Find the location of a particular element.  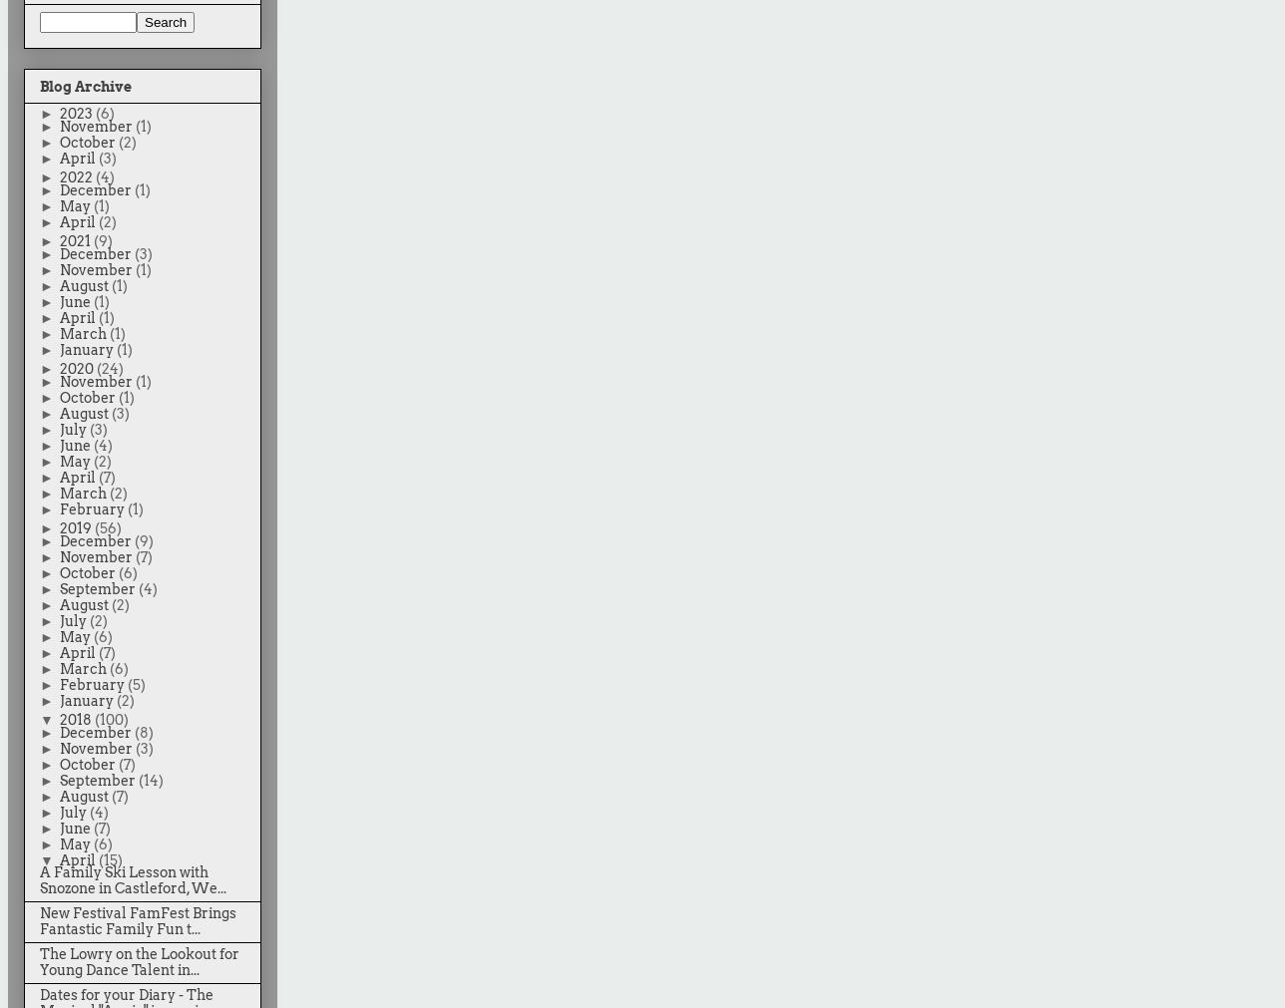

'(5)' is located at coordinates (136, 682).